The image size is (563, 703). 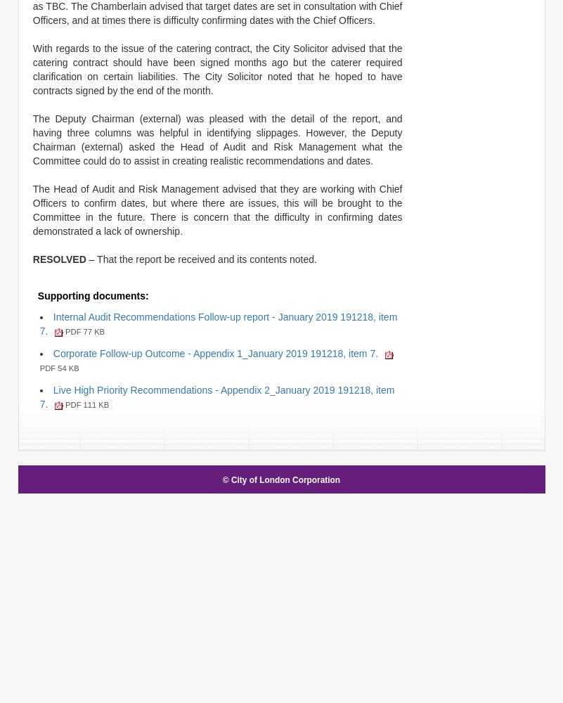 I want to click on 'RESOLVED', so click(x=59, y=258).